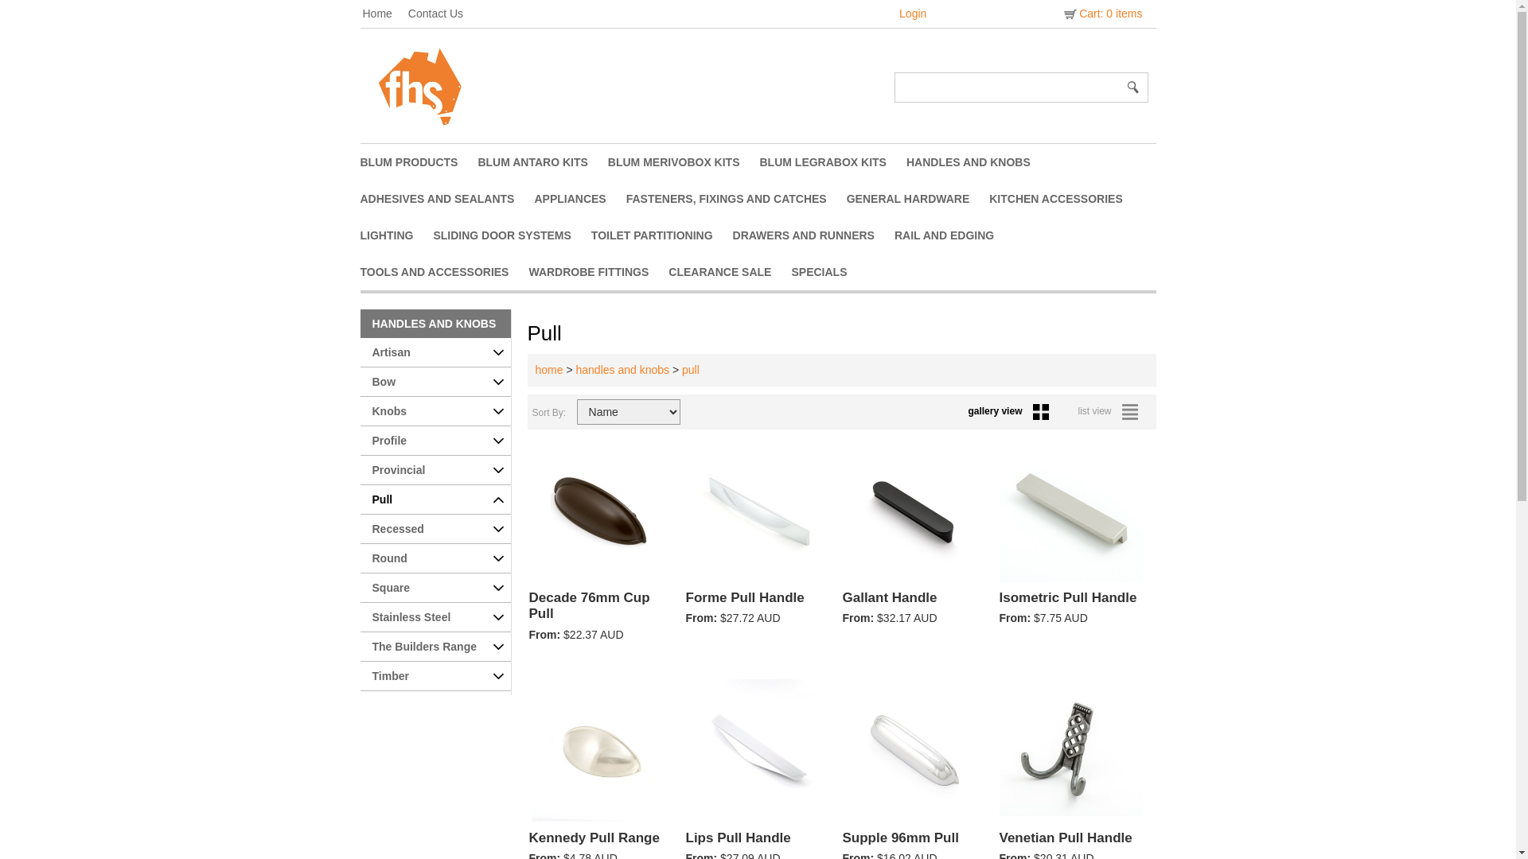 The image size is (1528, 859). I want to click on 'Pull', so click(435, 499).